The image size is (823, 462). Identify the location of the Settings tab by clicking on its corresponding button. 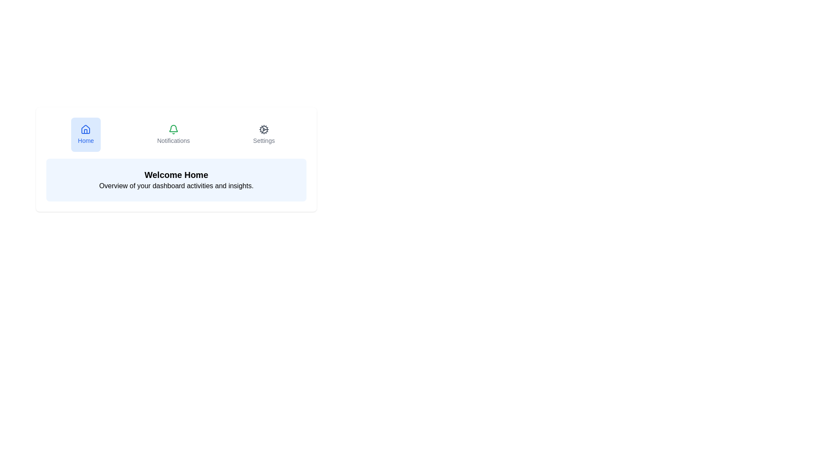
(263, 135).